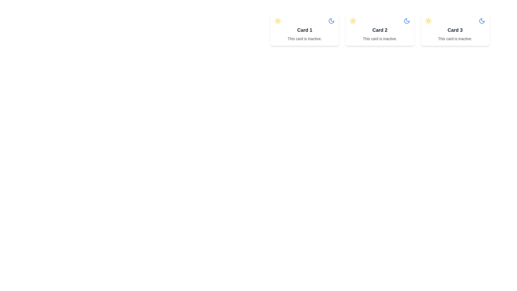 This screenshot has height=291, width=517. What do you see at coordinates (482, 20) in the screenshot?
I see `the blue moon-shaped icon located at the top-right corner of 'Card 3'` at bounding box center [482, 20].